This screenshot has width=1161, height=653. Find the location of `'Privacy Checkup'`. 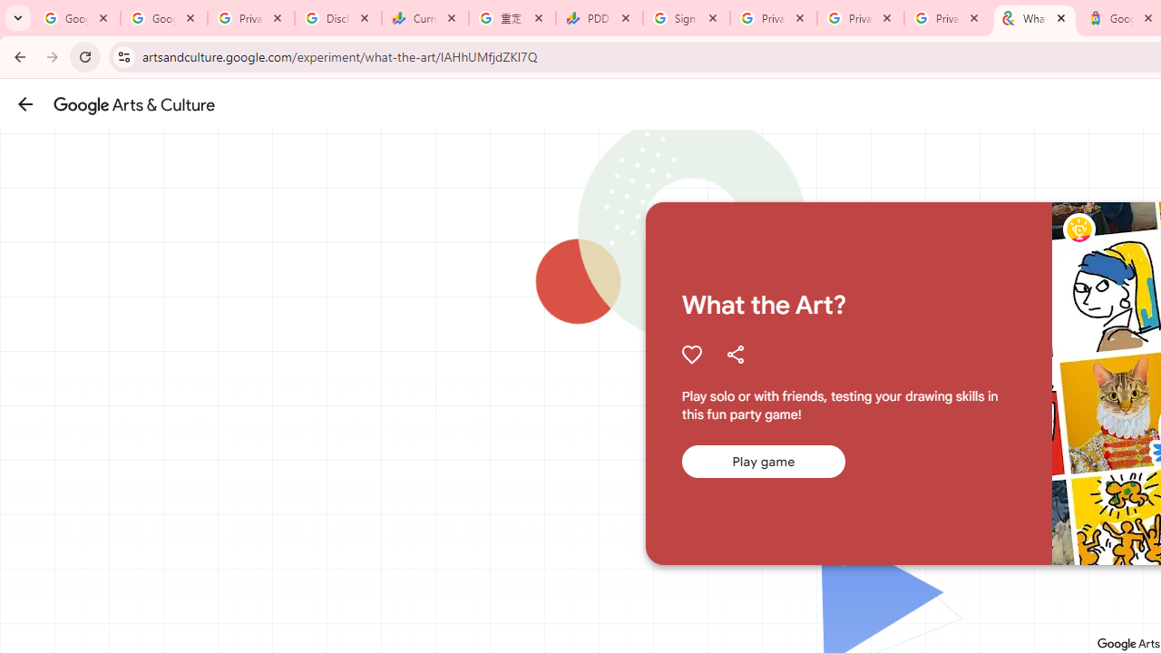

'Privacy Checkup' is located at coordinates (860, 18).